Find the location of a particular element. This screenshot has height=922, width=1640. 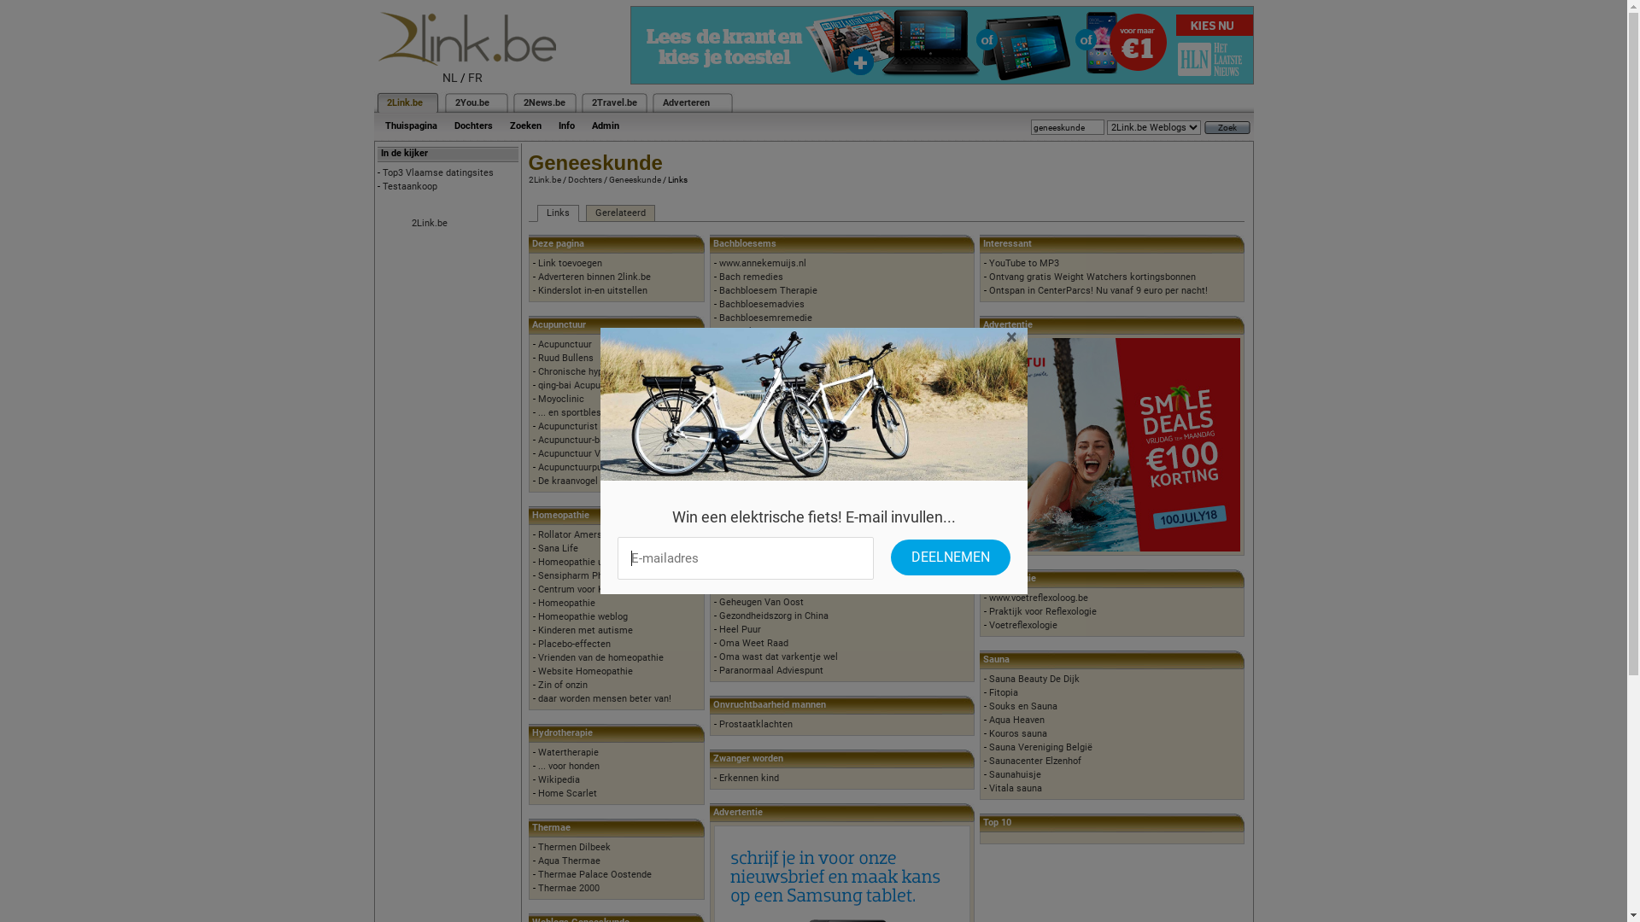

'Vrienden van de homeopathie' is located at coordinates (600, 656).